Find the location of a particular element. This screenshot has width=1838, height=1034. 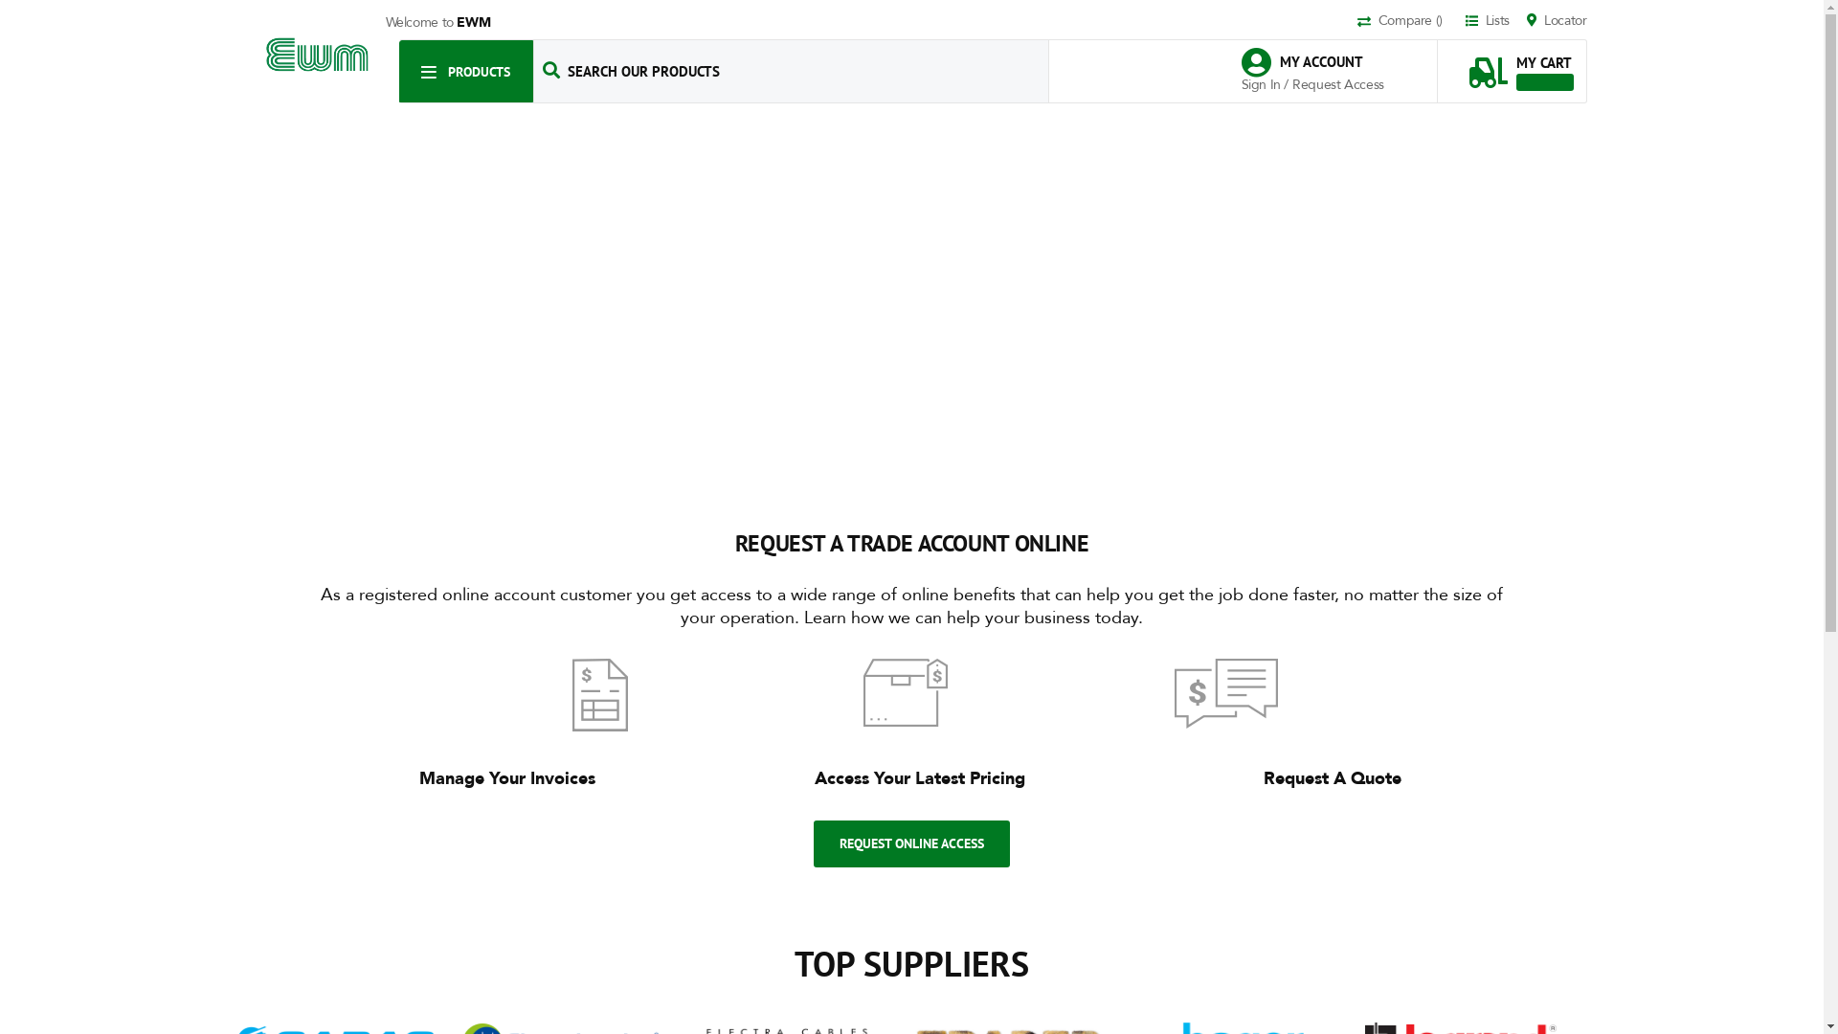

'Locator' is located at coordinates (1557, 21).